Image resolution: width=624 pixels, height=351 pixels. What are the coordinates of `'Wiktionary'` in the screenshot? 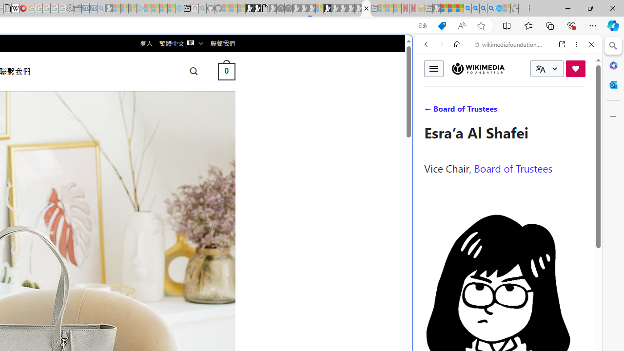 It's located at (504, 326).